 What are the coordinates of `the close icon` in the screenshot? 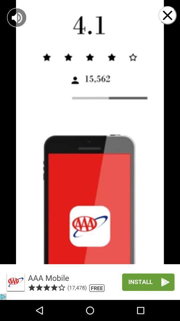 It's located at (90, 281).